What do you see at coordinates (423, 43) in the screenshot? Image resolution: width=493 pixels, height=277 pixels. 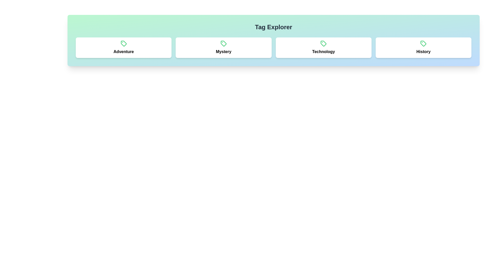 I see `the green tag icon representing categories in the 'Tag Explorer' section, specifically above the 'Technology' label text` at bounding box center [423, 43].